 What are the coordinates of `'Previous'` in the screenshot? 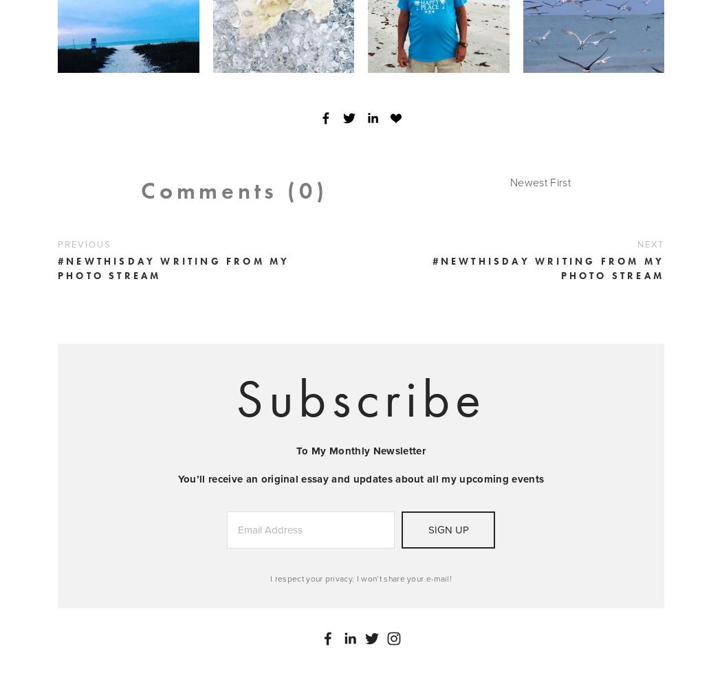 It's located at (83, 243).